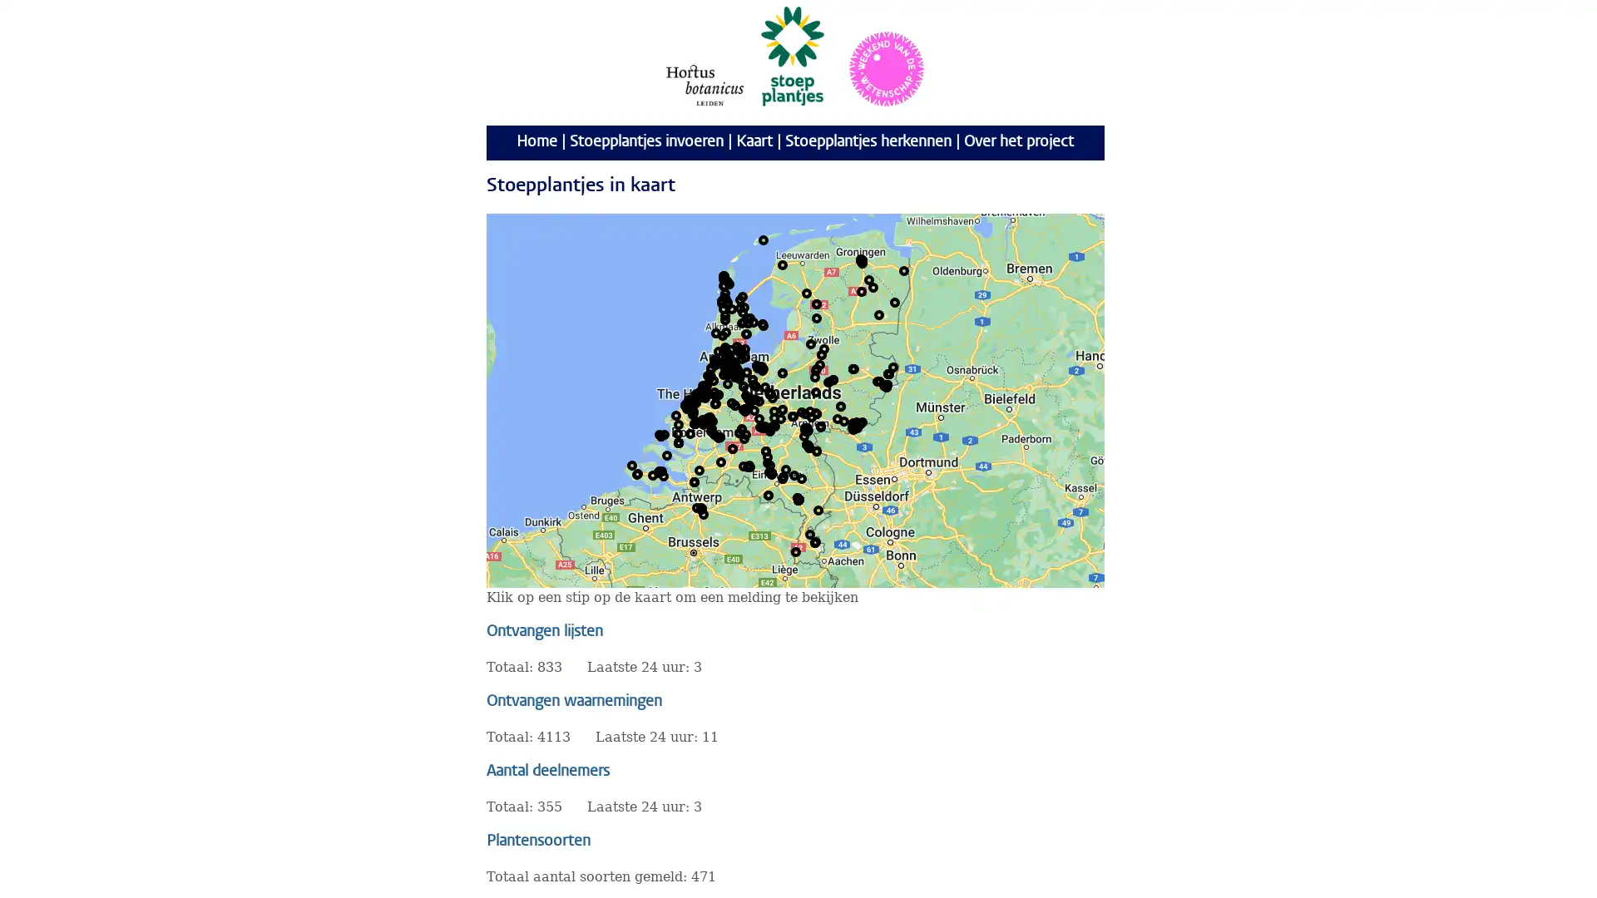 This screenshot has height=898, width=1597. I want to click on Telling van Truus op 05 juni 2022, so click(714, 363).